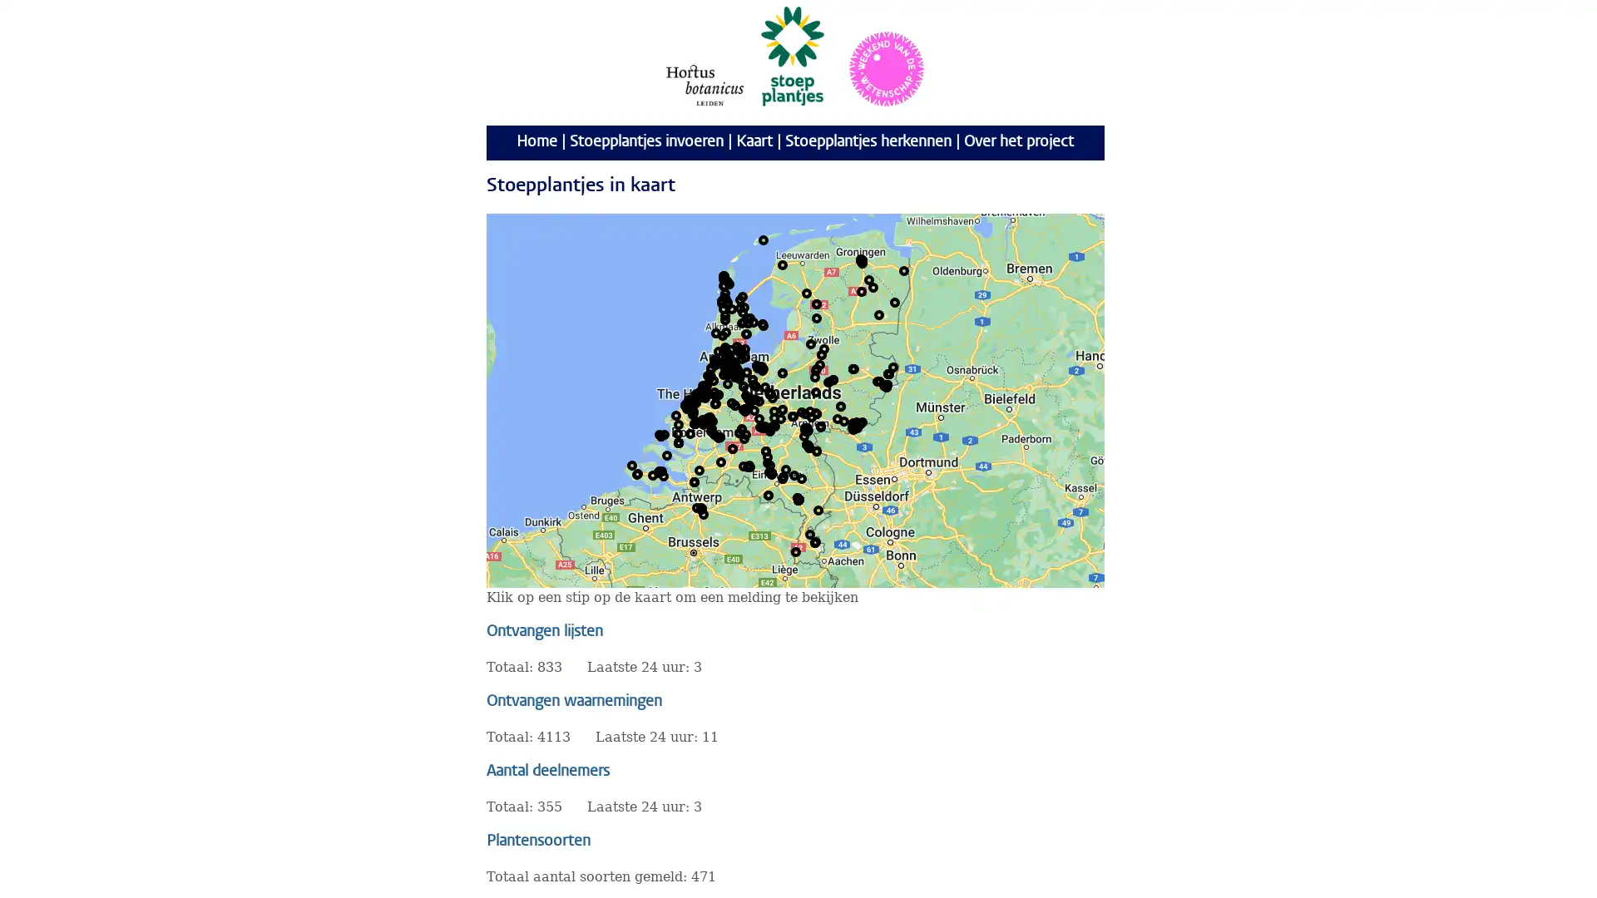 This screenshot has height=898, width=1597. I want to click on Telling van Truus op 05 juni 2022, so click(714, 363).